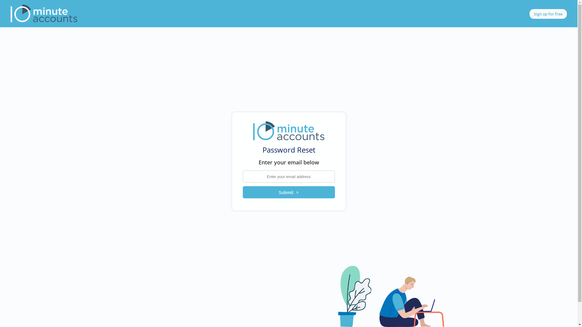 The height and width of the screenshot is (327, 582). What do you see at coordinates (548, 14) in the screenshot?
I see `'Sign up for free'` at bounding box center [548, 14].